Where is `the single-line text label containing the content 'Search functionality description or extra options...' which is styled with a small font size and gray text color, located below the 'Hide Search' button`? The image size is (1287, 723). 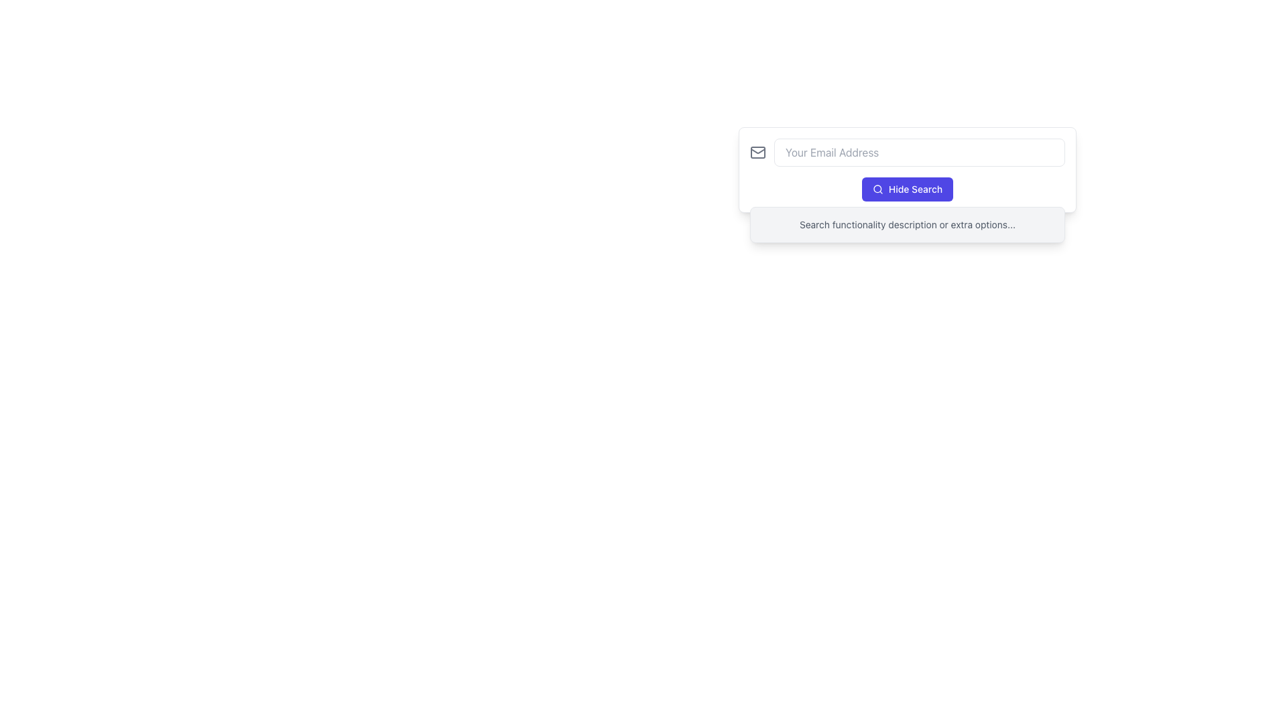
the single-line text label containing the content 'Search functionality description or extra options...' which is styled with a small font size and gray text color, located below the 'Hide Search' button is located at coordinates (907, 224).